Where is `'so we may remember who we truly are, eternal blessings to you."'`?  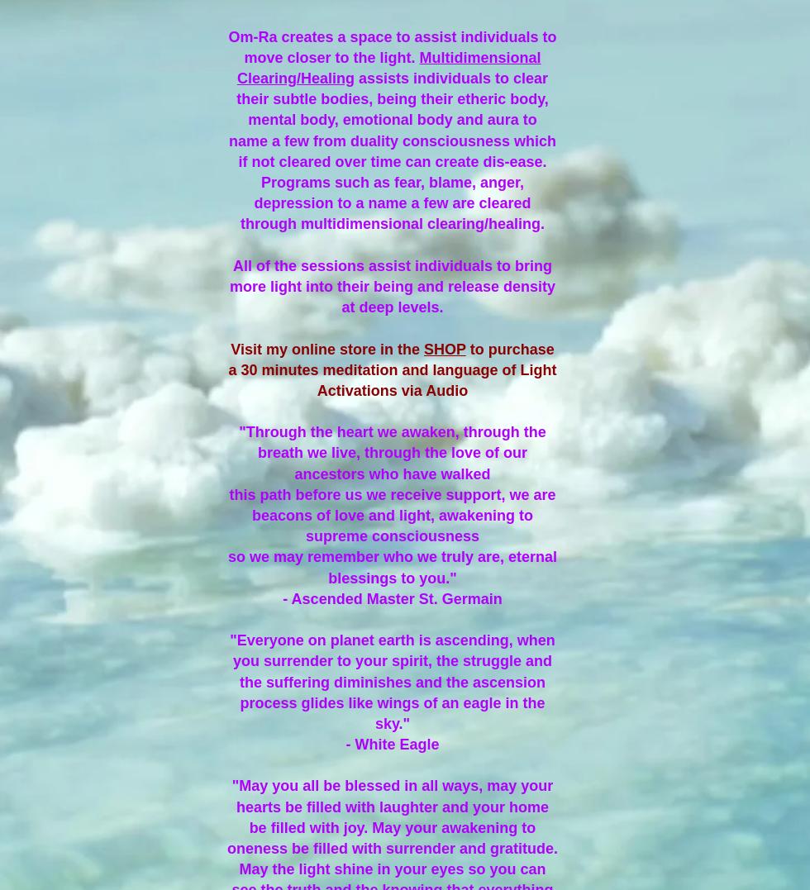
'so we may remember who we truly are, eternal blessings to you."' is located at coordinates (392, 566).